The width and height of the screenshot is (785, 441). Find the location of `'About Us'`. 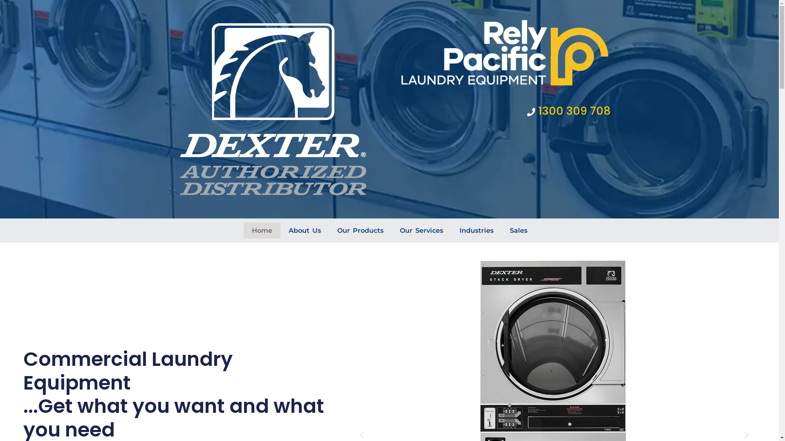

'About Us' is located at coordinates (280, 230).